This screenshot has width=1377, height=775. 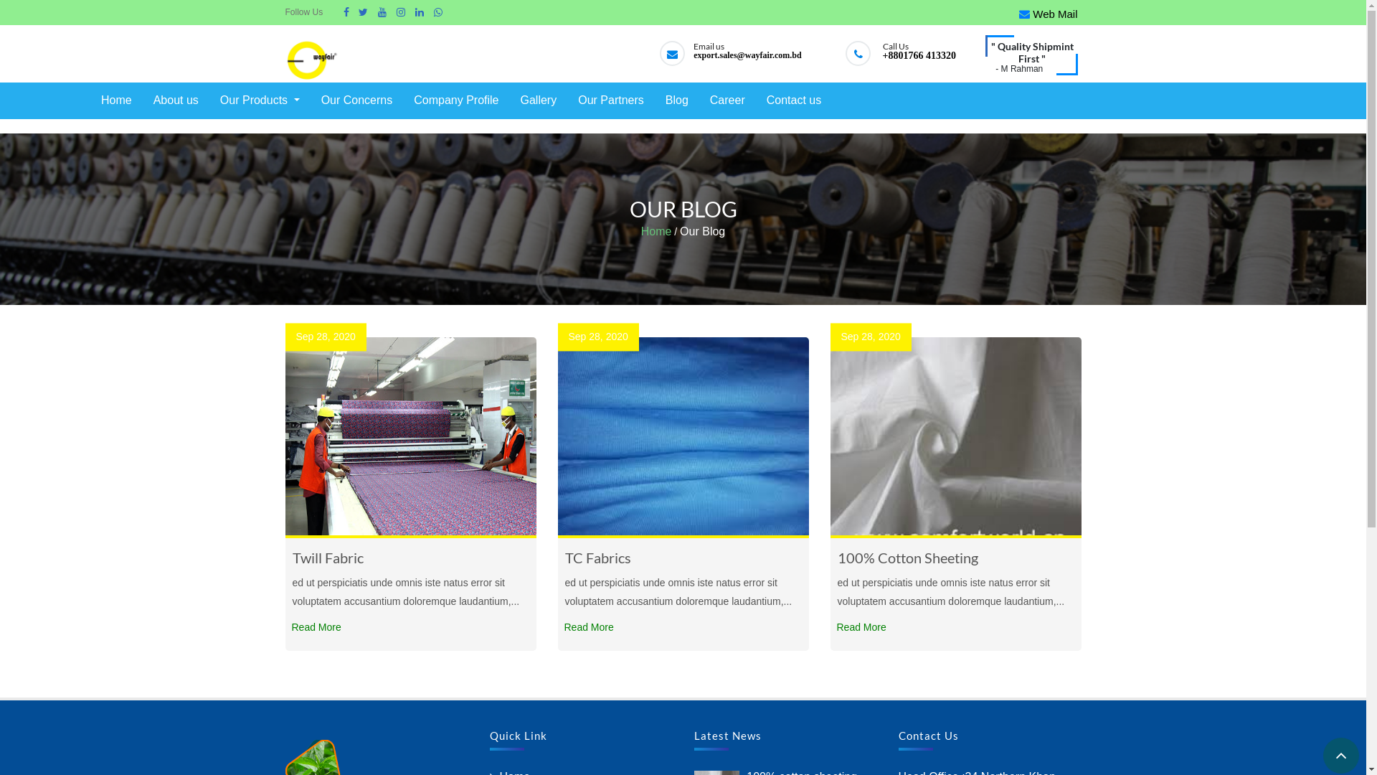 What do you see at coordinates (537, 100) in the screenshot?
I see `'Gallery'` at bounding box center [537, 100].